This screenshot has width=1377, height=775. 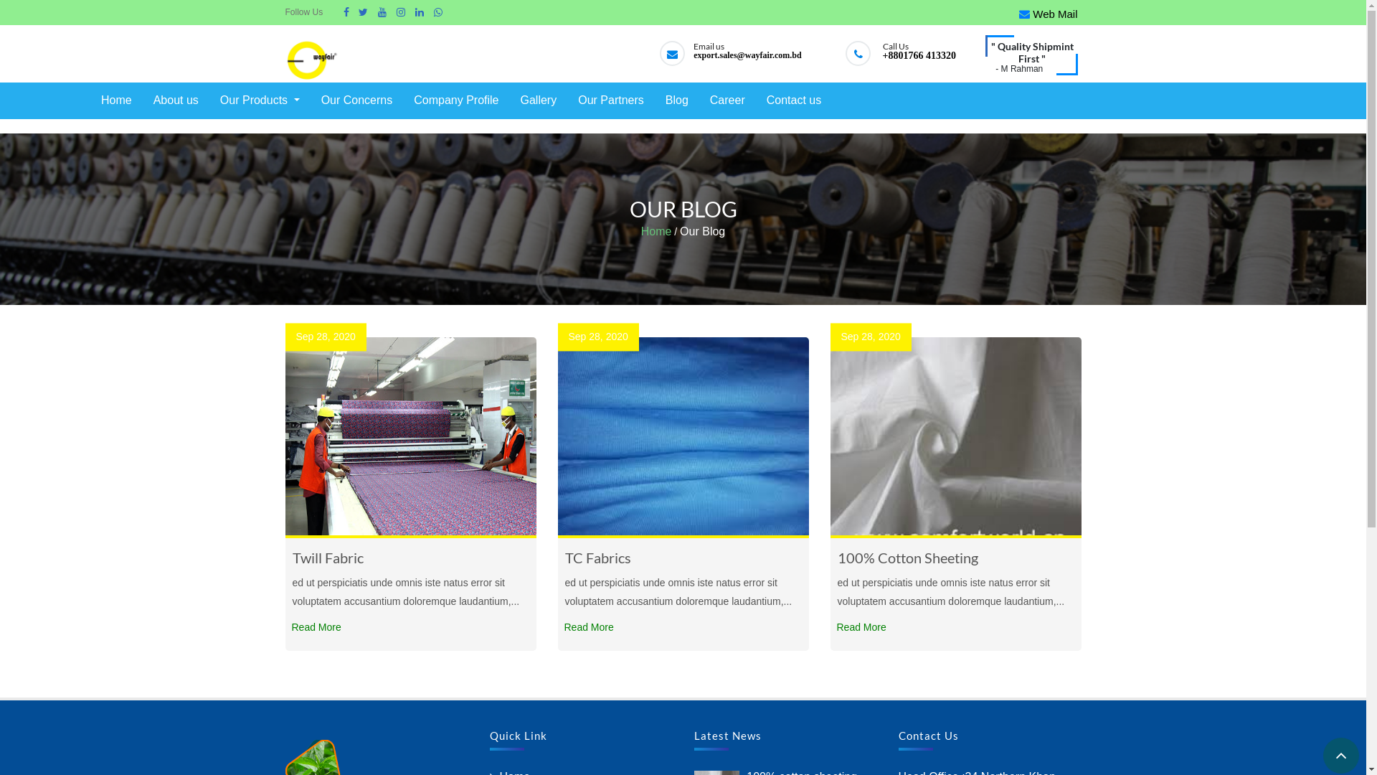 What do you see at coordinates (537, 100) in the screenshot?
I see `'Gallery'` at bounding box center [537, 100].